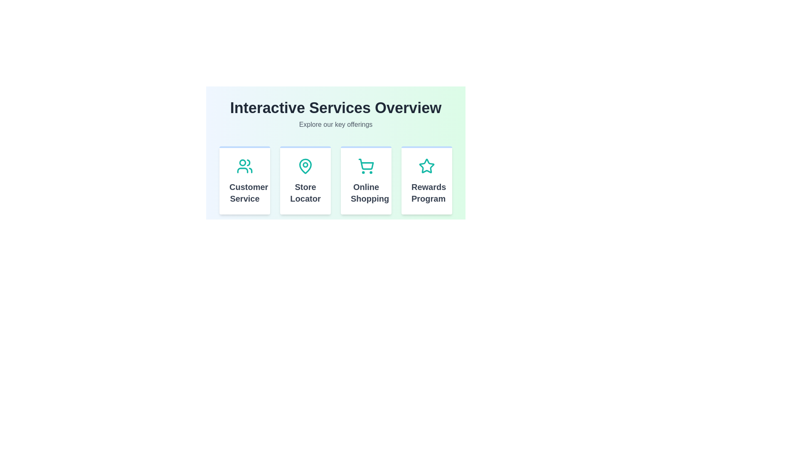 Image resolution: width=798 pixels, height=449 pixels. Describe the element at coordinates (244, 166) in the screenshot. I see `the 'Customer Service' icon located at the top-center of the 'Customer Service' card in the 'Interactive Services Overview'` at that location.